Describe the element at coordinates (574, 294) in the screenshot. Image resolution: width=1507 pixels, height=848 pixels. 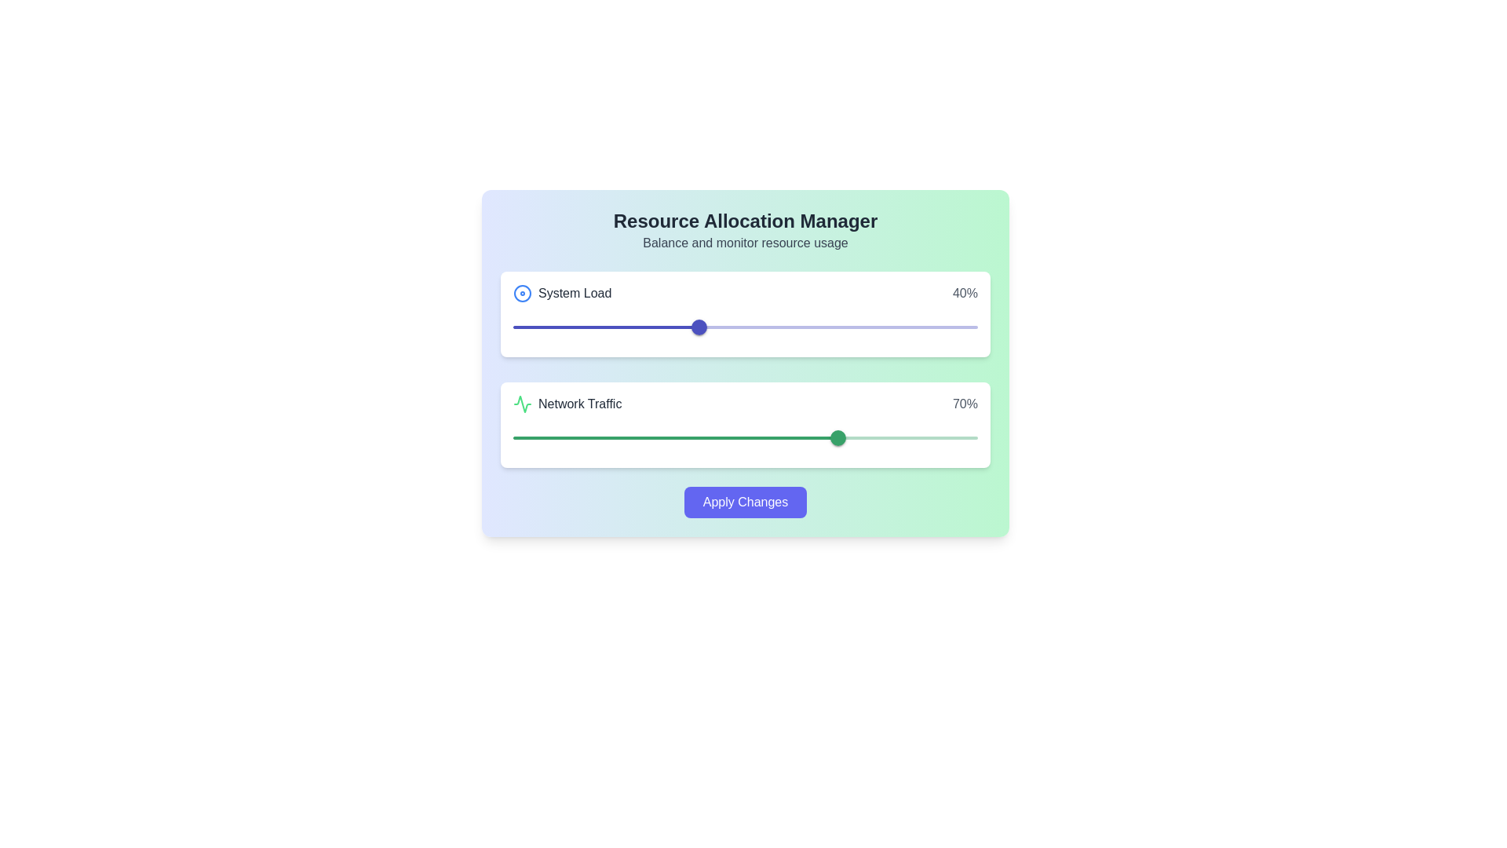
I see `the text label displaying 'System Load' in bold dark gray font, located to the right of a circular icon in the top-left corner of the card-like section` at that location.